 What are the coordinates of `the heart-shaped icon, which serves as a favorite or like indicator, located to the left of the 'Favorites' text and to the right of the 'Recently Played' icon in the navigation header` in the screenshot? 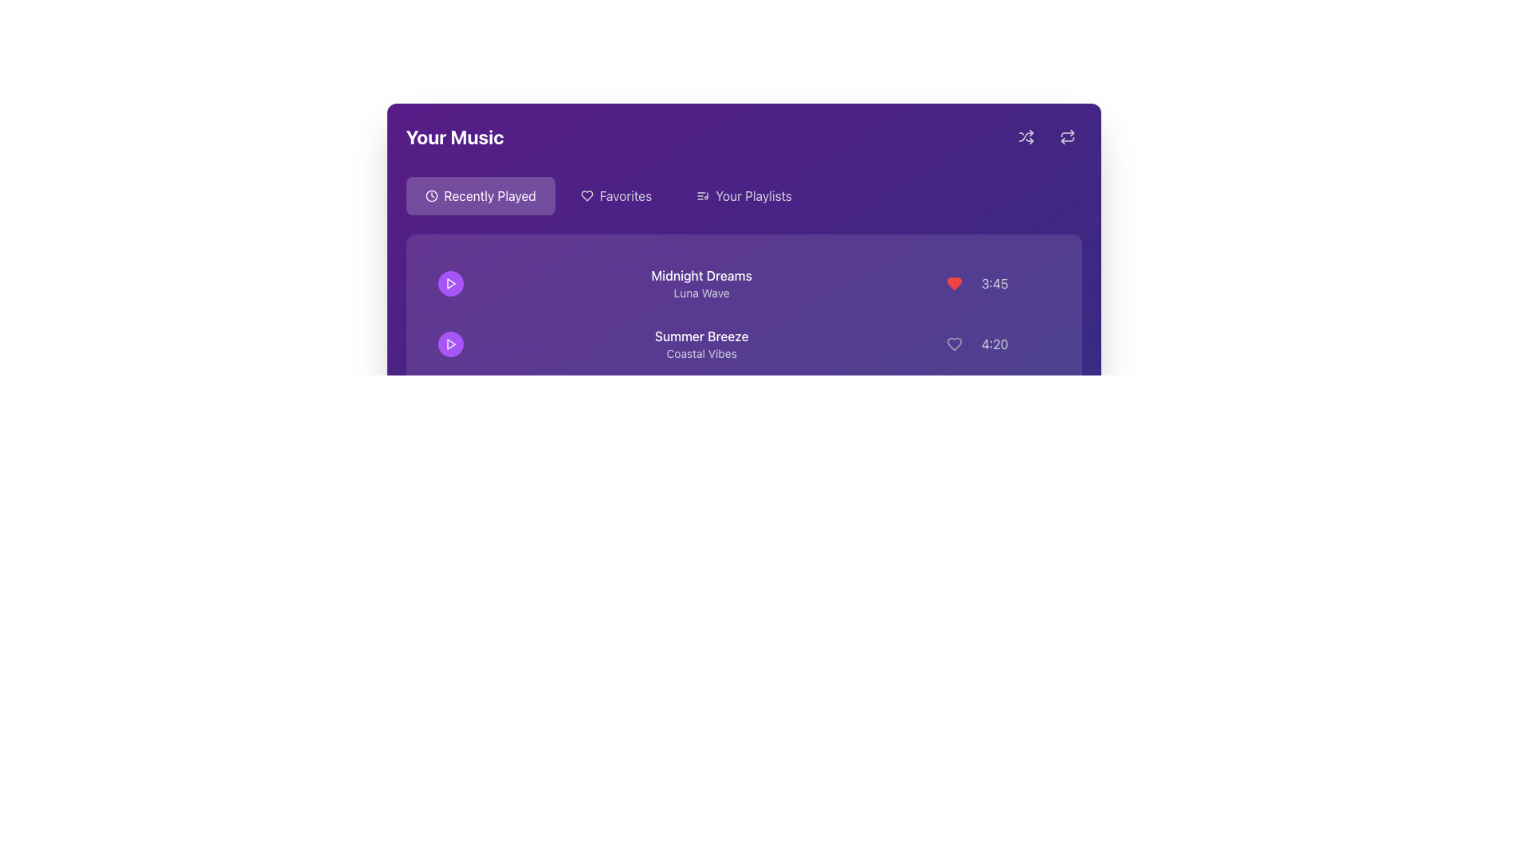 It's located at (586, 195).